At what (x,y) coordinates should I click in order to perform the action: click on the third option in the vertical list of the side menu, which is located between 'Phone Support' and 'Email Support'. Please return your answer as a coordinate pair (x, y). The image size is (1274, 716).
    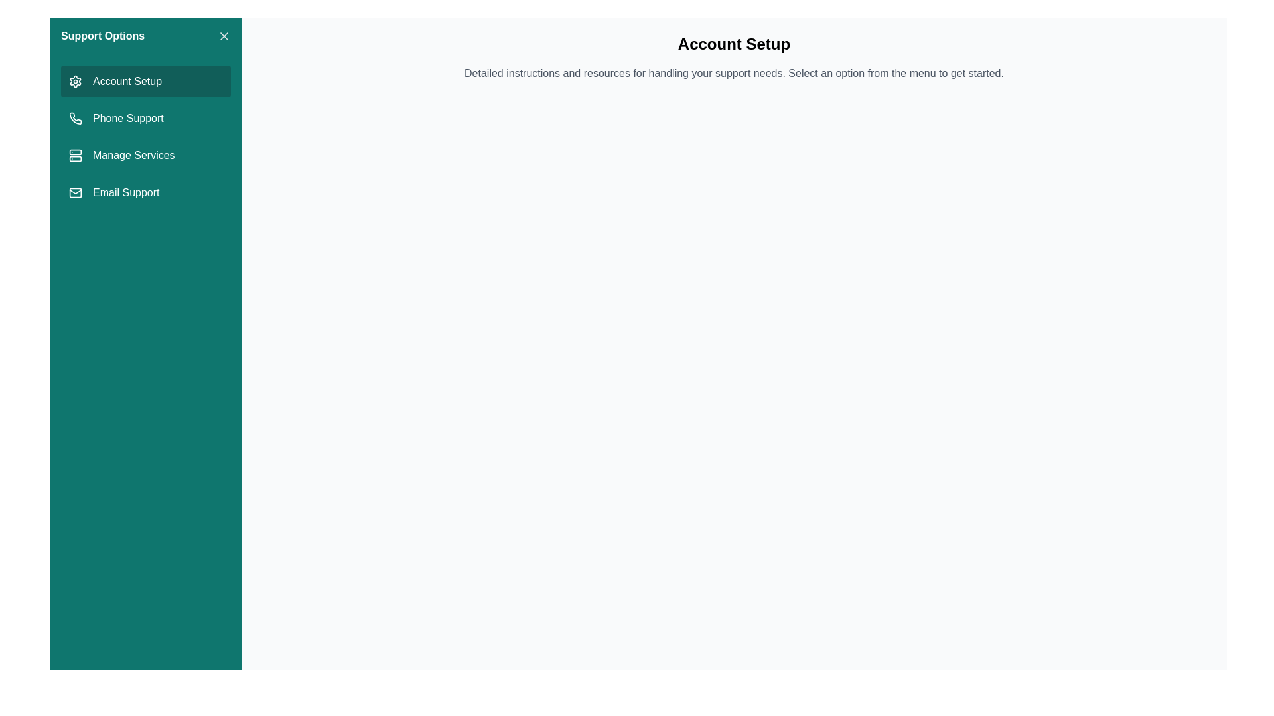
    Looking at the image, I should click on (133, 155).